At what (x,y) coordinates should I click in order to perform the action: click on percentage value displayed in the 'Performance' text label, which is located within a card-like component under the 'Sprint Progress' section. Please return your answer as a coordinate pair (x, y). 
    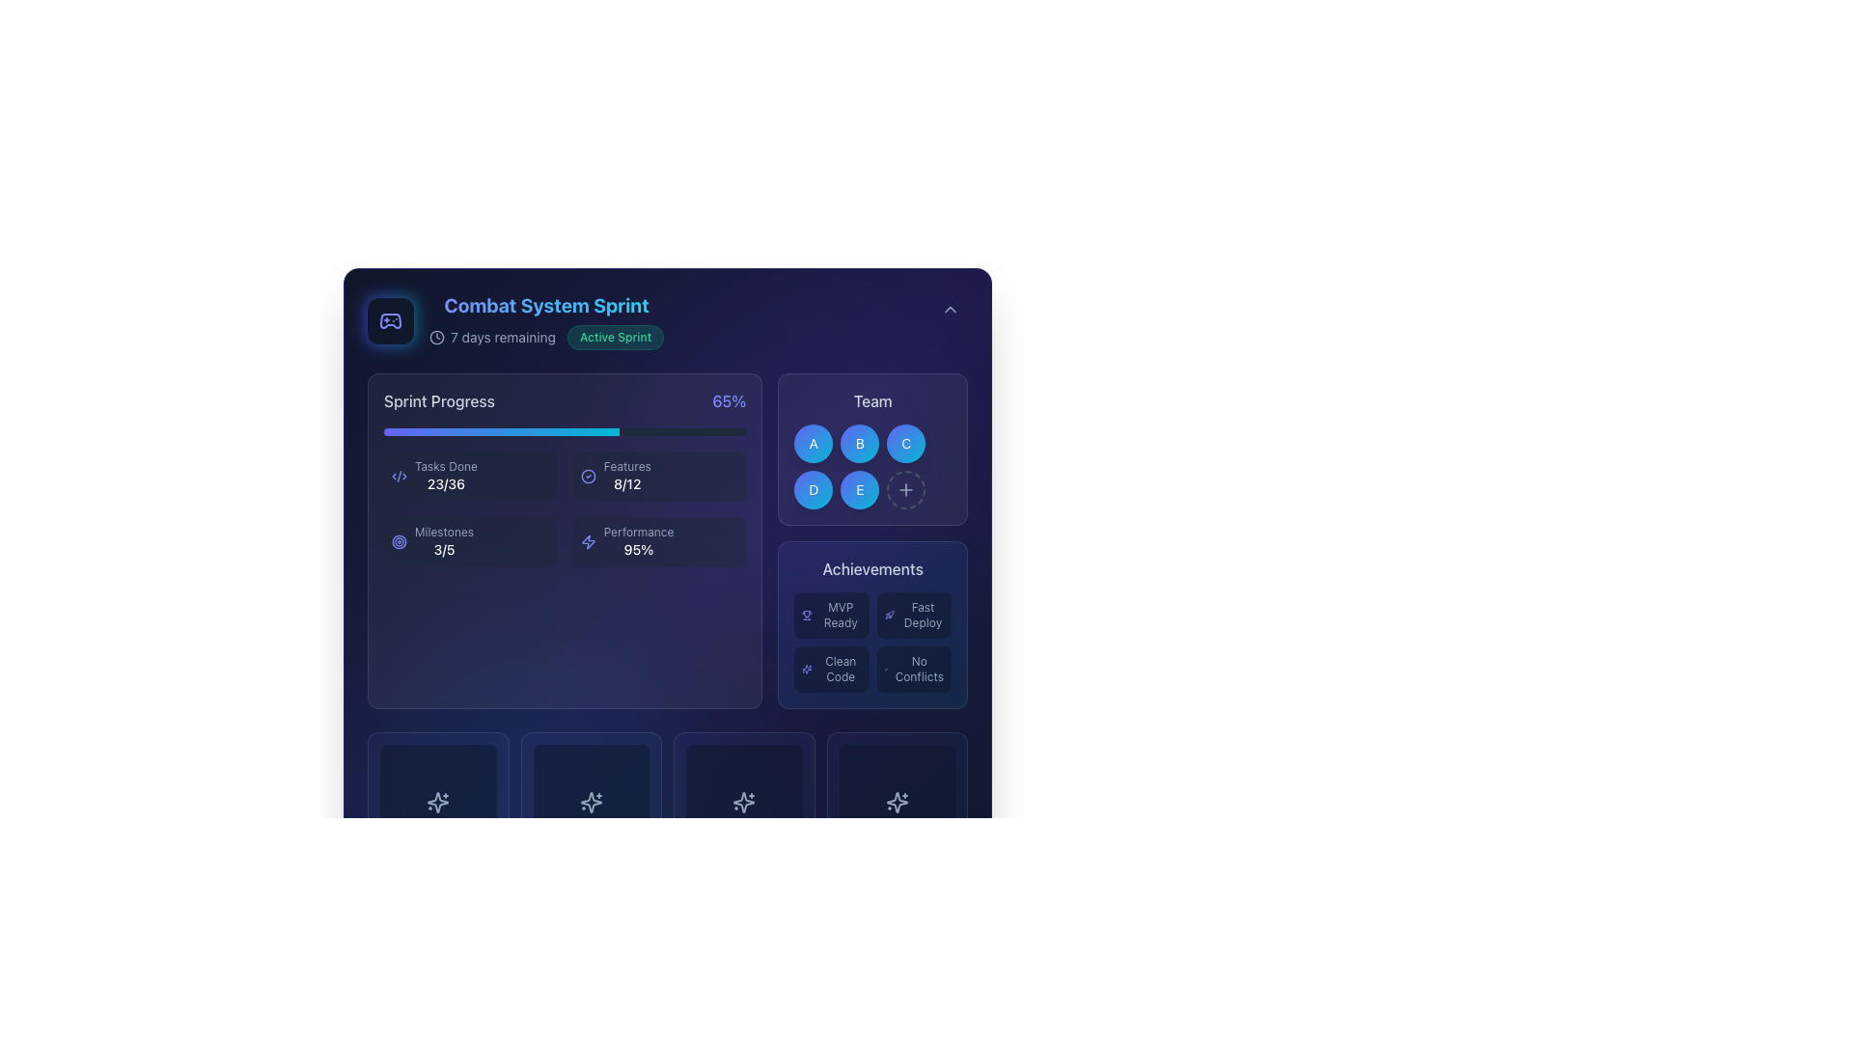
    Looking at the image, I should click on (639, 550).